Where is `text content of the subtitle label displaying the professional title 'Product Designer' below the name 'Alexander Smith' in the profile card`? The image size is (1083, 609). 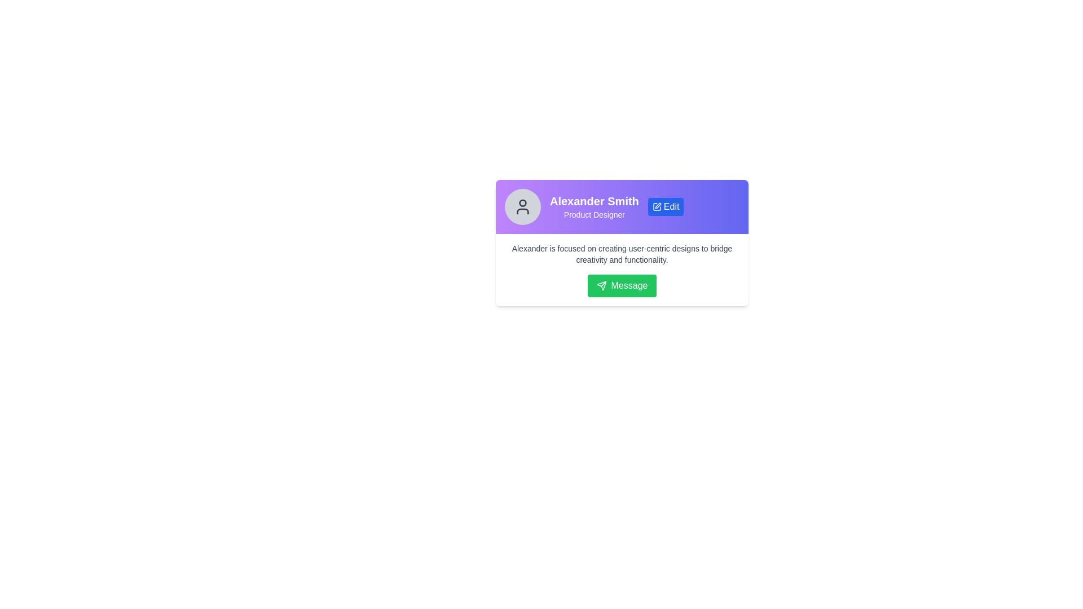
text content of the subtitle label displaying the professional title 'Product Designer' below the name 'Alexander Smith' in the profile card is located at coordinates (593, 215).